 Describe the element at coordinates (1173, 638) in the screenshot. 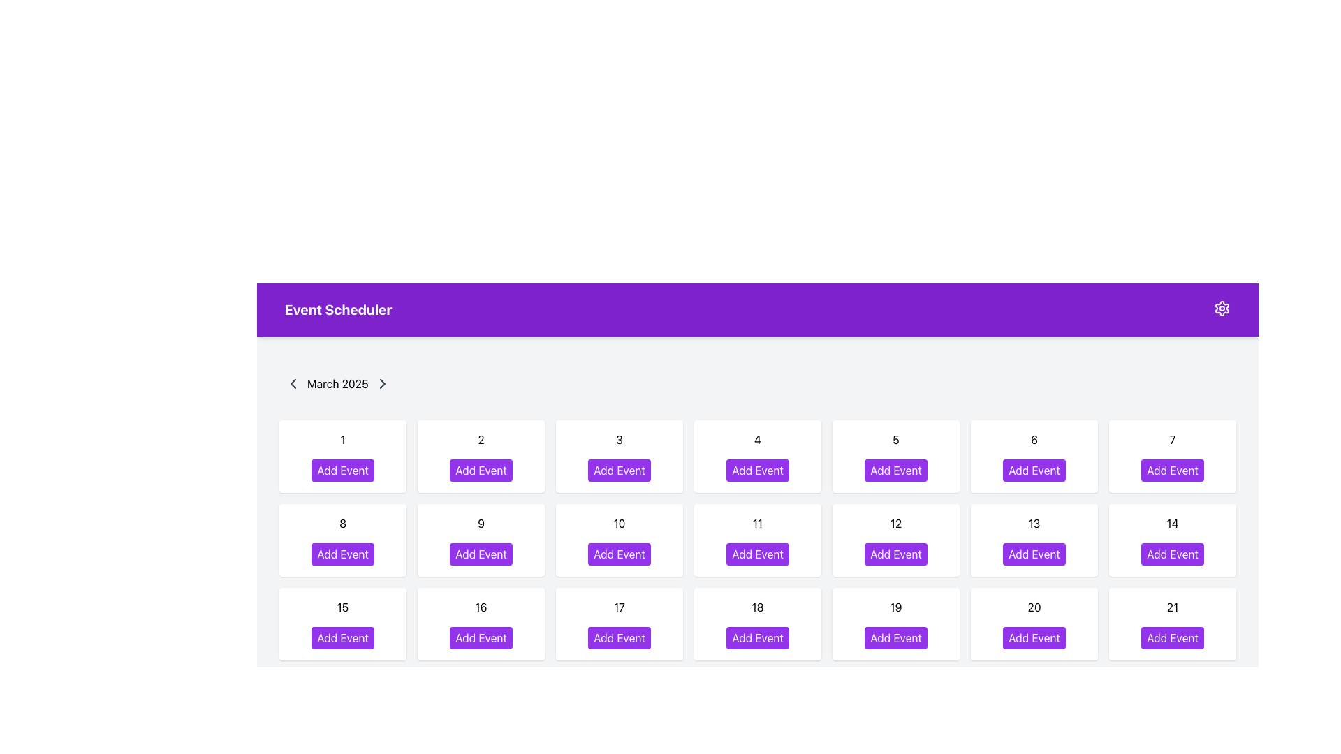

I see `the rectangular button with a purple background and white text reading 'Add Event' located in the cell labeled '21' on the calendar grid` at that location.